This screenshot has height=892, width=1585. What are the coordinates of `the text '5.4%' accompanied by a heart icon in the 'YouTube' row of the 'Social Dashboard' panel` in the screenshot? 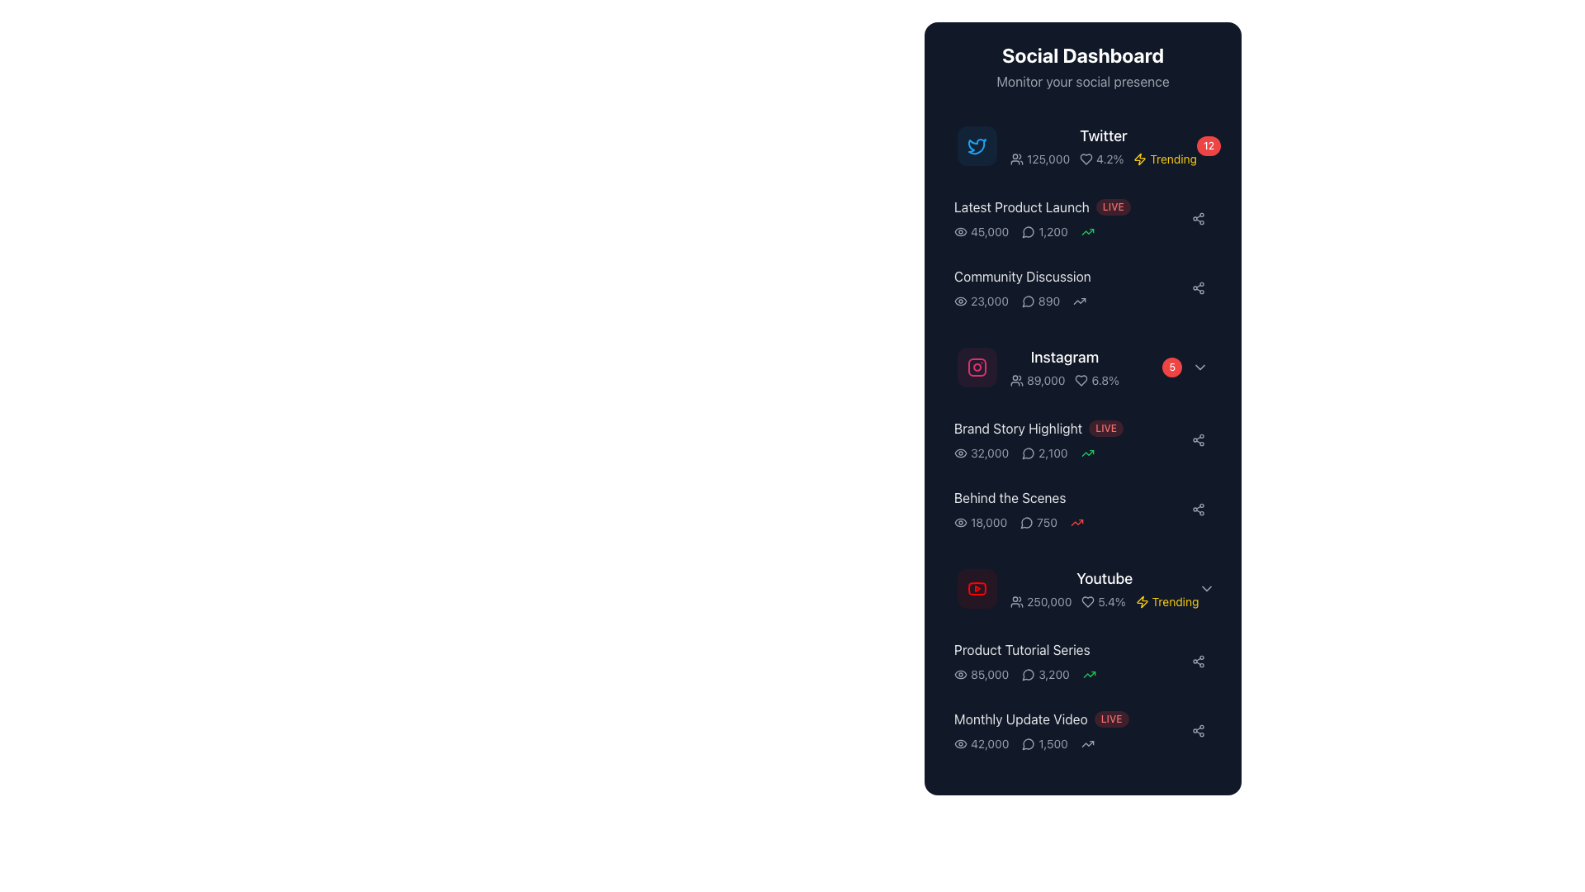 It's located at (1104, 602).